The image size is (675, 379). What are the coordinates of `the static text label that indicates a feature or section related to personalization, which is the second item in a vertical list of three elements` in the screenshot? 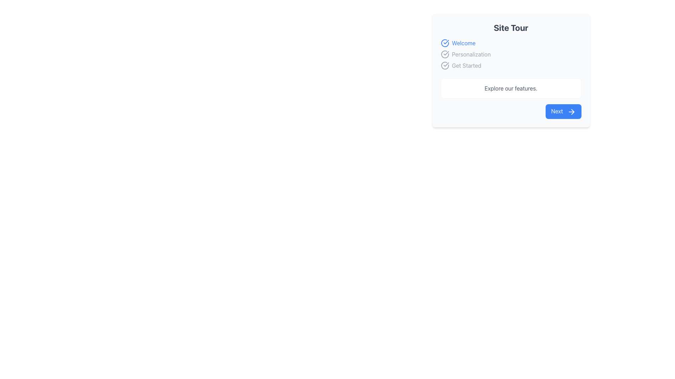 It's located at (471, 54).